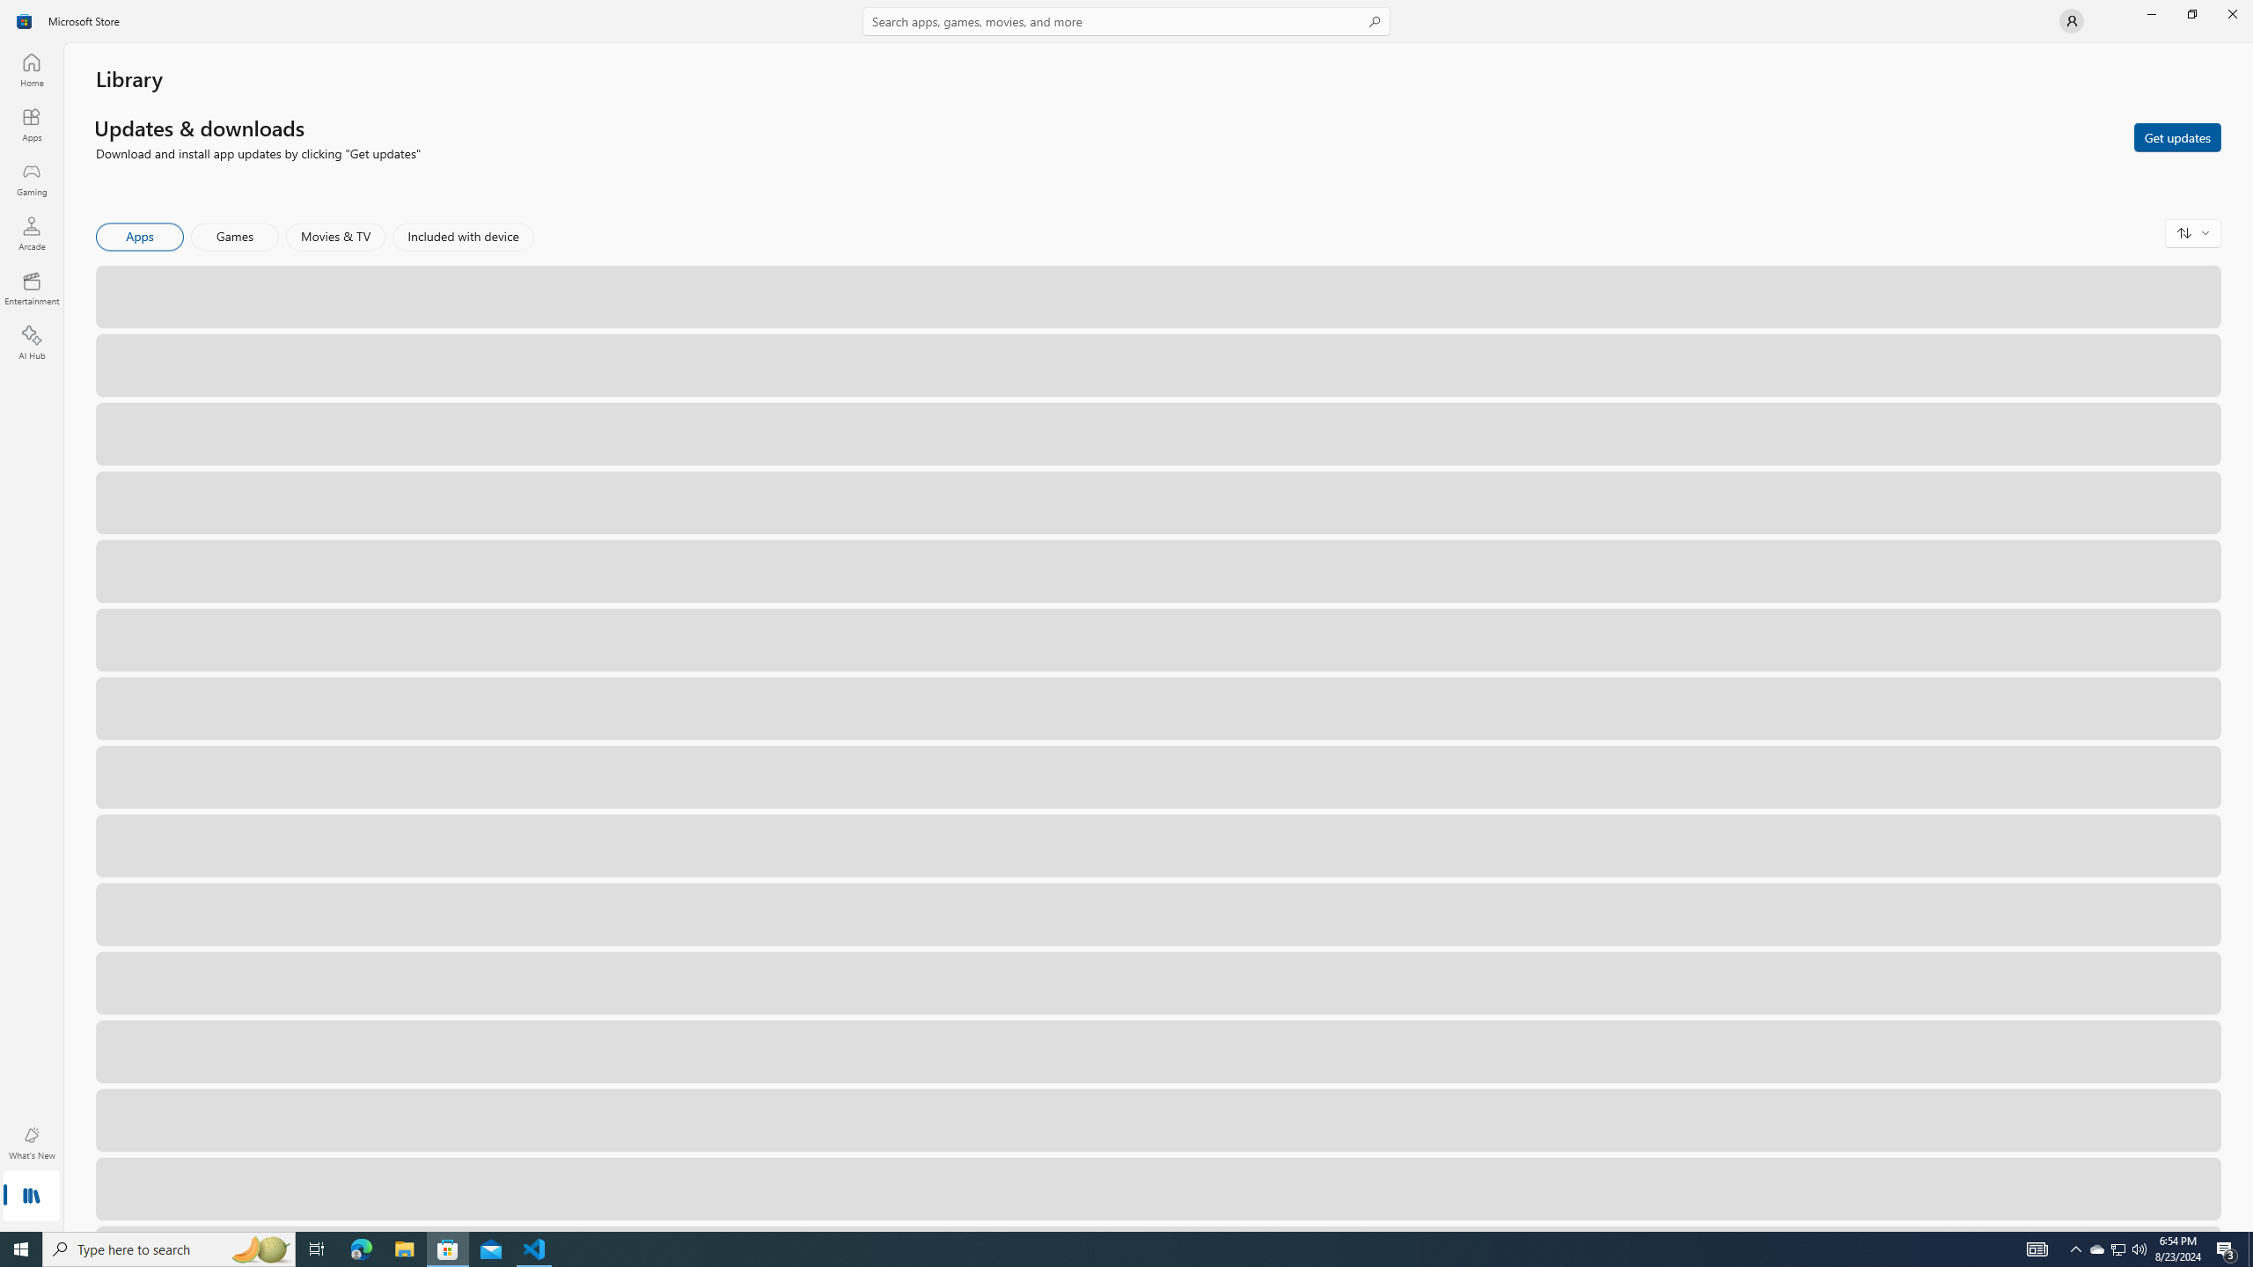  I want to click on 'Movies & TV', so click(334, 236).